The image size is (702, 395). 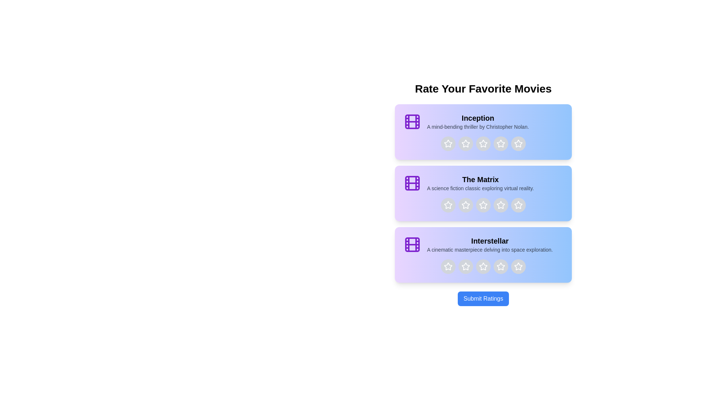 What do you see at coordinates (518, 205) in the screenshot?
I see `the star corresponding to 5 stars for the movie titled The Matrix` at bounding box center [518, 205].